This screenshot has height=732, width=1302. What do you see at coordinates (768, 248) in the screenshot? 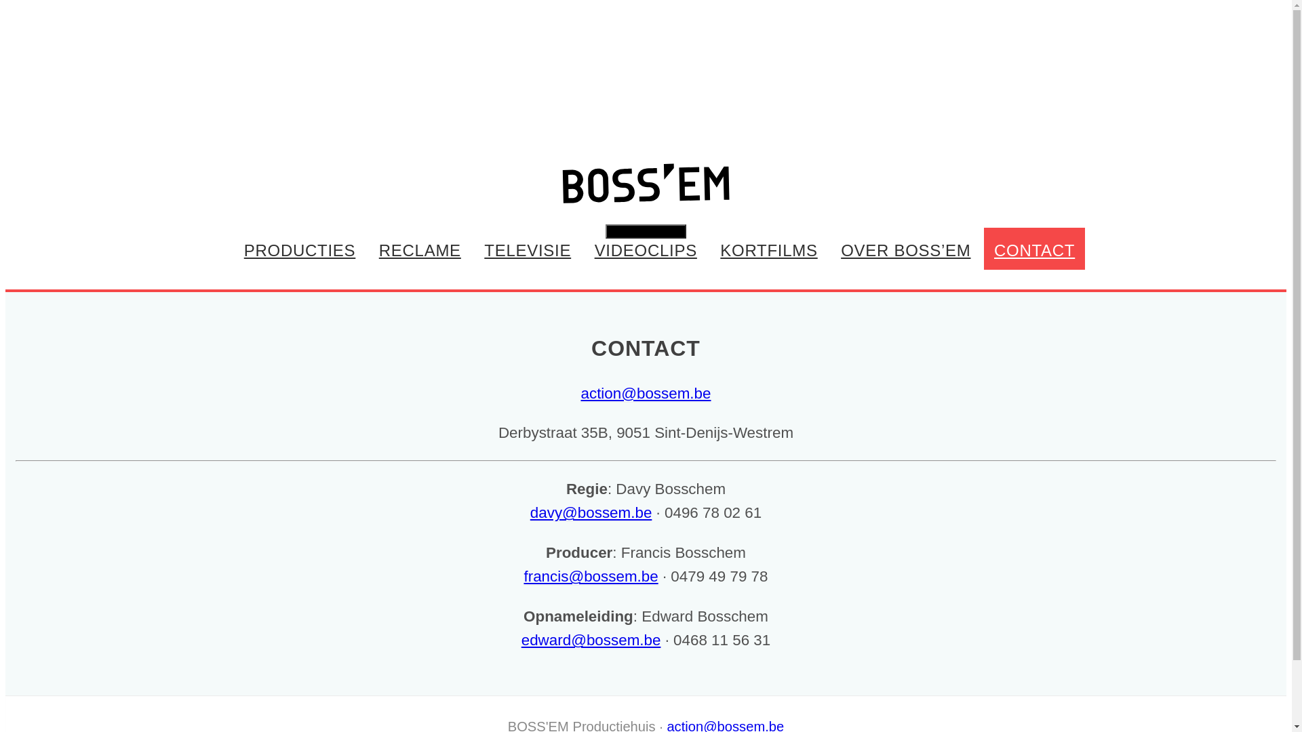
I see `'KORTFILMS'` at bounding box center [768, 248].